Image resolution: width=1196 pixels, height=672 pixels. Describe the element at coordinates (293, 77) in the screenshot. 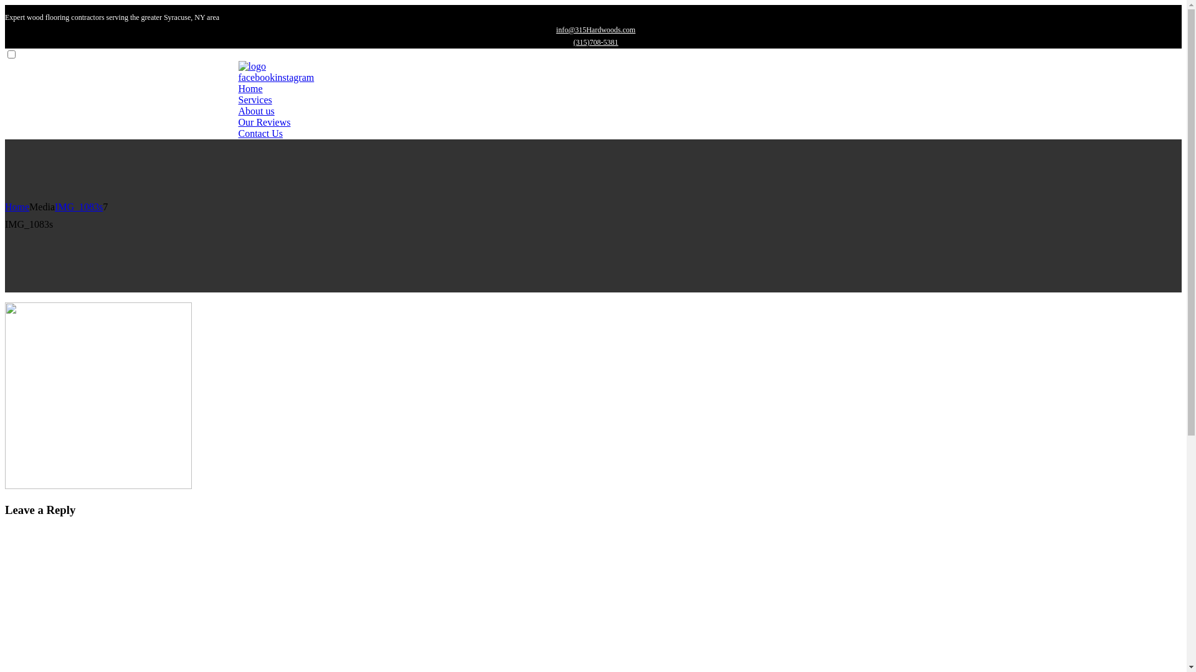

I see `'instagram'` at that location.